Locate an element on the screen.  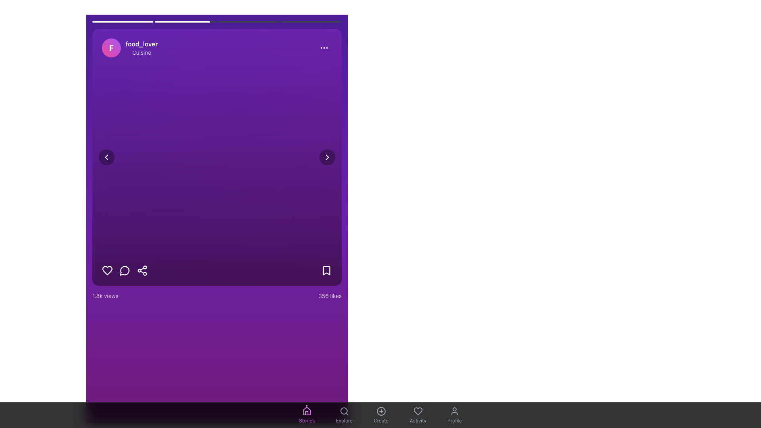
the circular button with a dark semi-transparent background and a white left-facing chevron icon to trigger a background color change is located at coordinates (106, 157).